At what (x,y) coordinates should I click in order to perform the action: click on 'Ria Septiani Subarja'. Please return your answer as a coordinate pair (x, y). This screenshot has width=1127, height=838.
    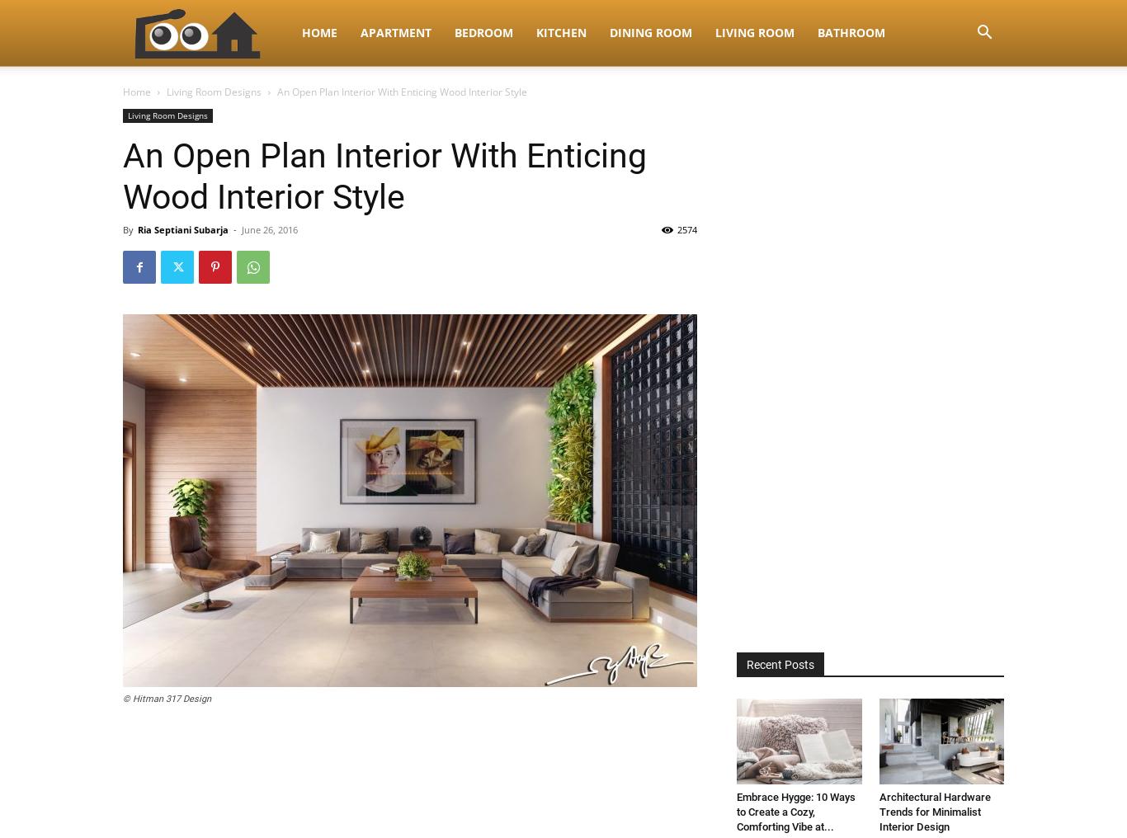
    Looking at the image, I should click on (182, 228).